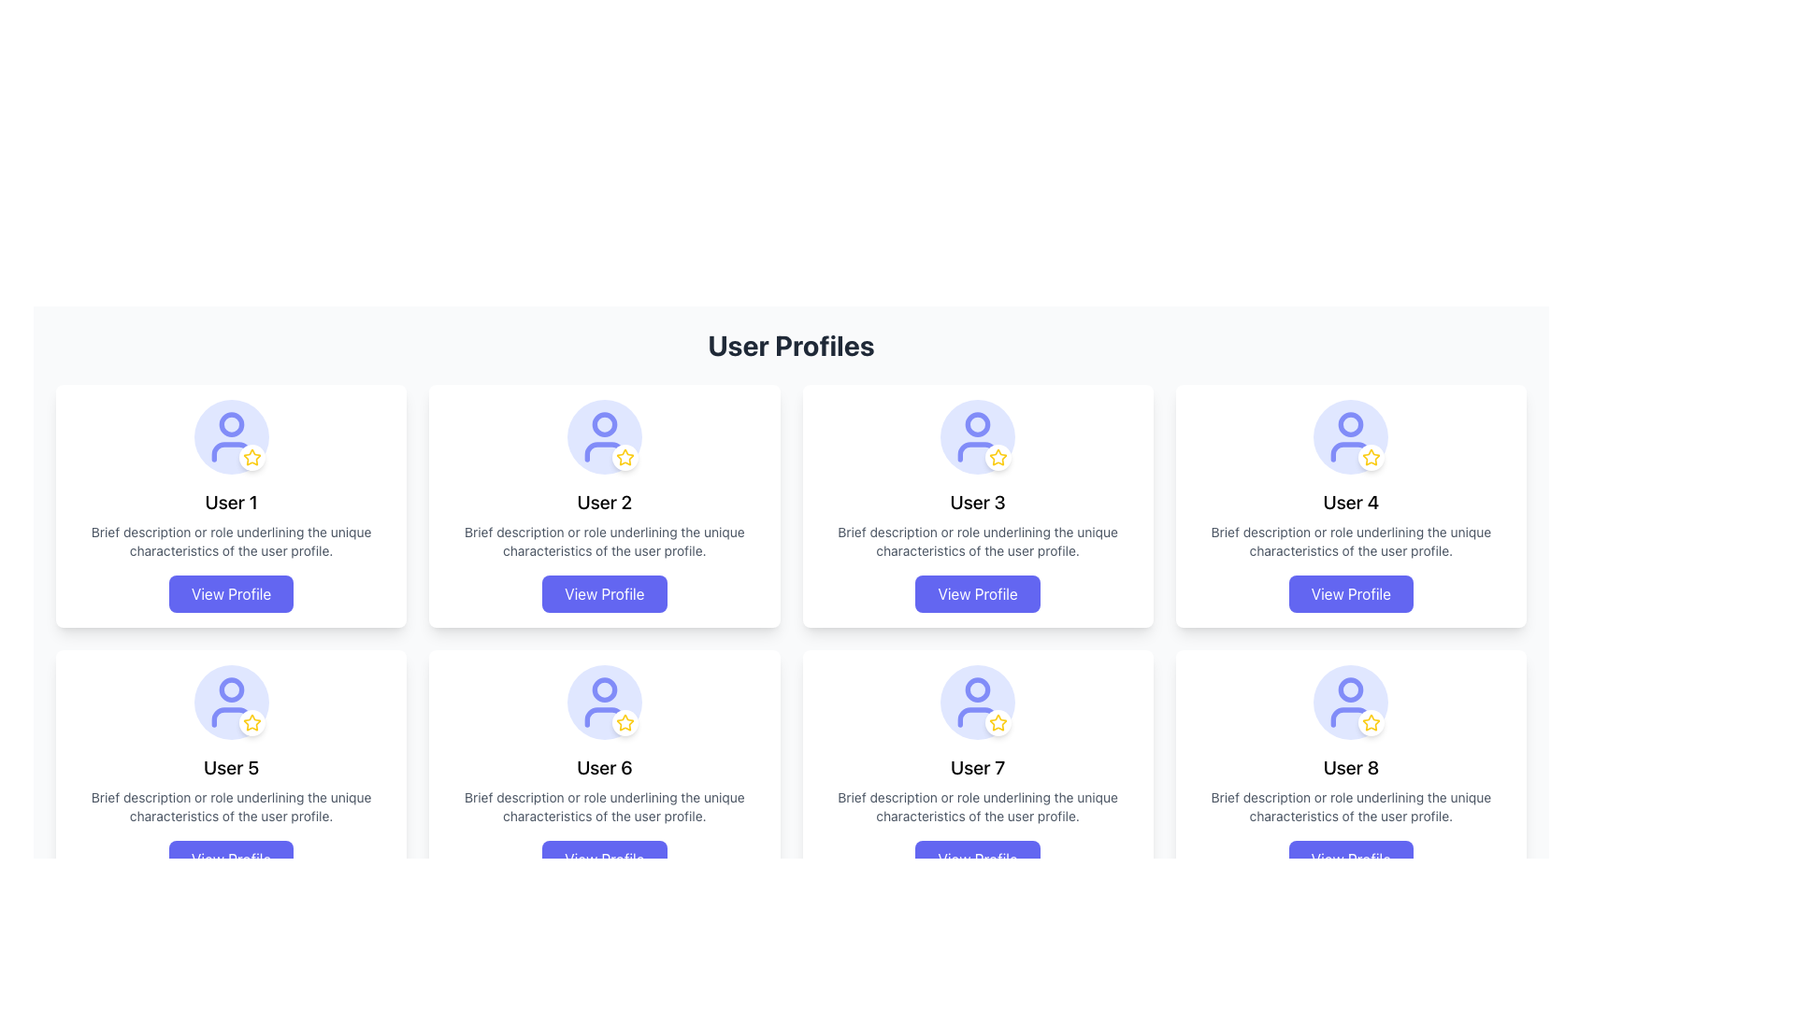 Image resolution: width=1795 pixels, height=1009 pixels. What do you see at coordinates (251, 721) in the screenshot?
I see `the yellow star-shaped icon located at the bottom right of User 5's profile card in the grid layout` at bounding box center [251, 721].